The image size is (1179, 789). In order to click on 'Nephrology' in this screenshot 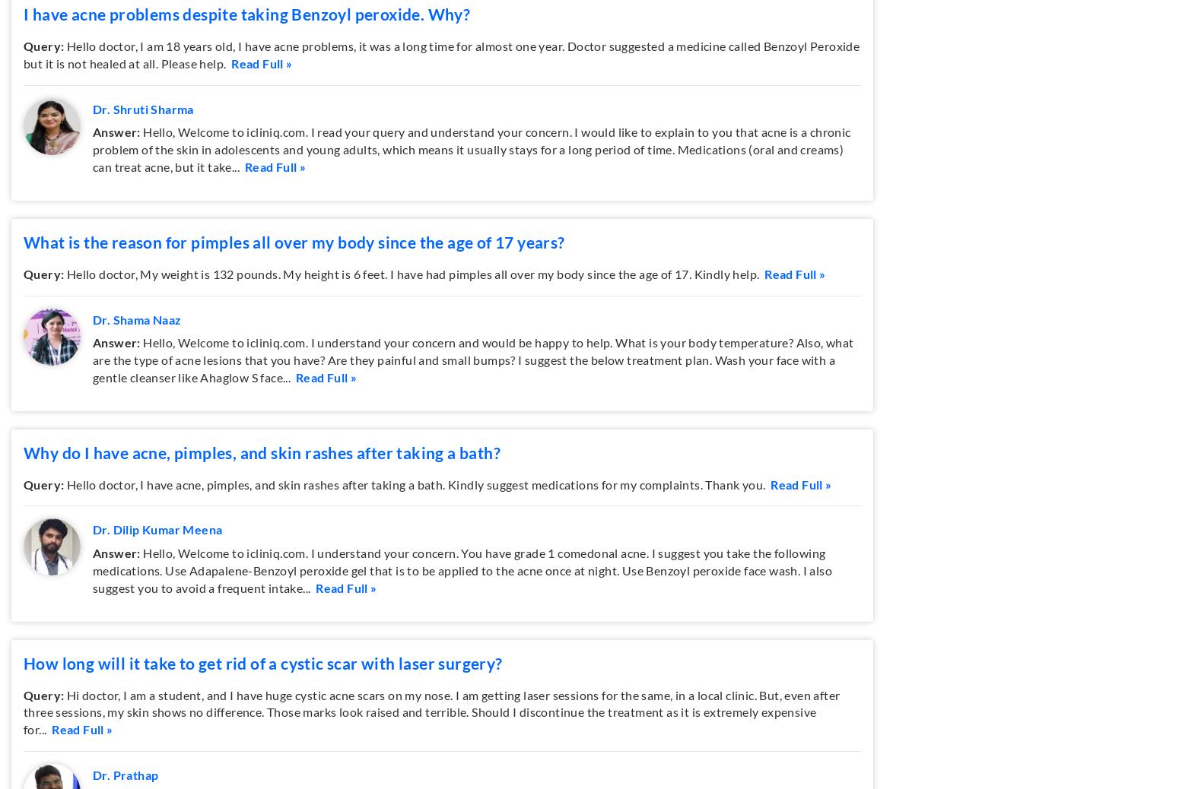, I will do `click(393, 119)`.